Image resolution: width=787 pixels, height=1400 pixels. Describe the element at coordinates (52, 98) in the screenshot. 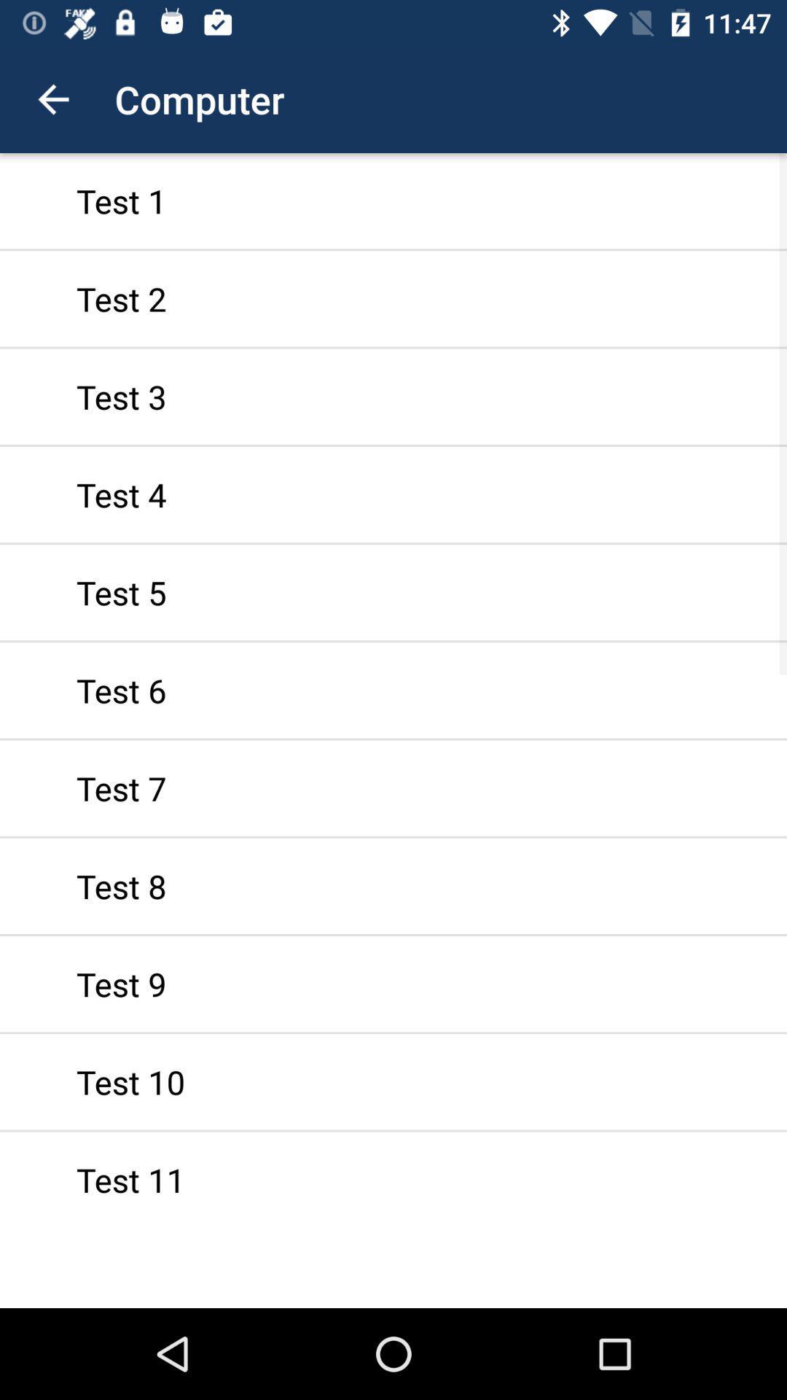

I see `icon above test 1 icon` at that location.